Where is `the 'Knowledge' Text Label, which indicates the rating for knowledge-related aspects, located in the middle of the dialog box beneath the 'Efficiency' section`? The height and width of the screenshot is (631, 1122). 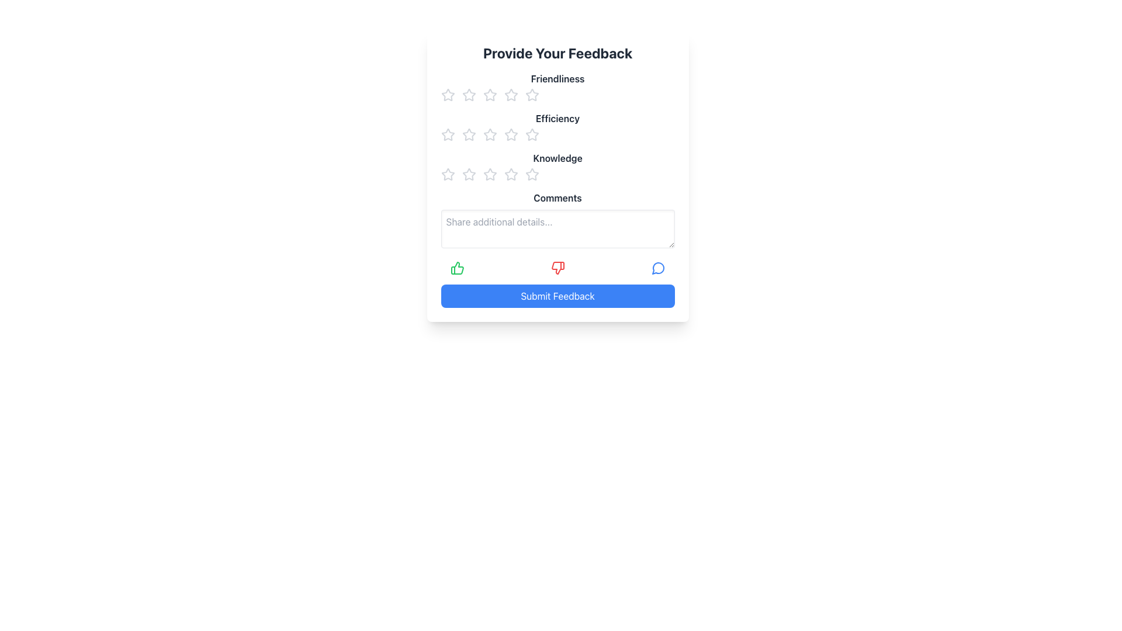
the 'Knowledge' Text Label, which indicates the rating for knowledge-related aspects, located in the middle of the dialog box beneath the 'Efficiency' section is located at coordinates (557, 158).